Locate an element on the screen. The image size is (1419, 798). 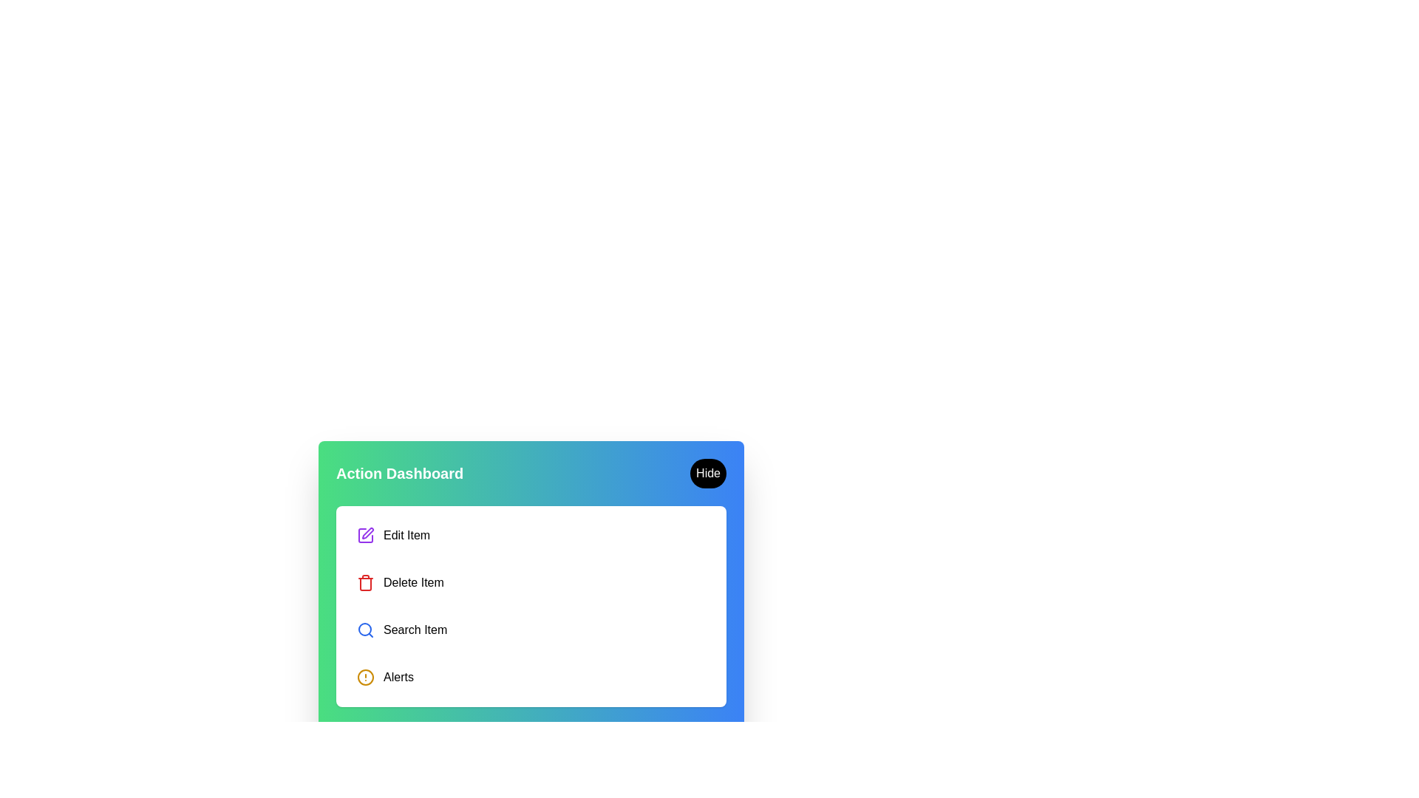
the circular icon with an alert symbol and yellow outer circle located in the fourth position of the list in the 'Action Dashboard' card is located at coordinates (365, 678).